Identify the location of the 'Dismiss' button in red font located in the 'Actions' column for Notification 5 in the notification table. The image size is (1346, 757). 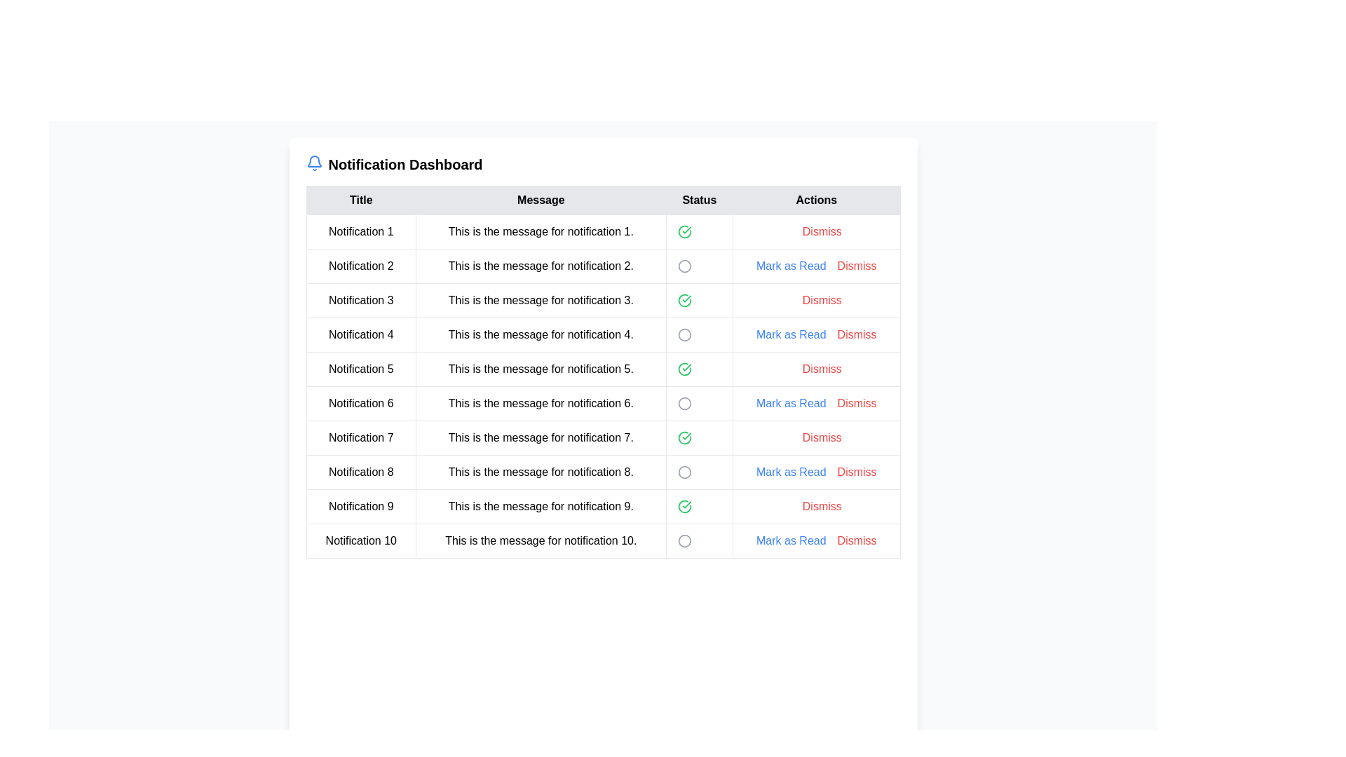
(816, 369).